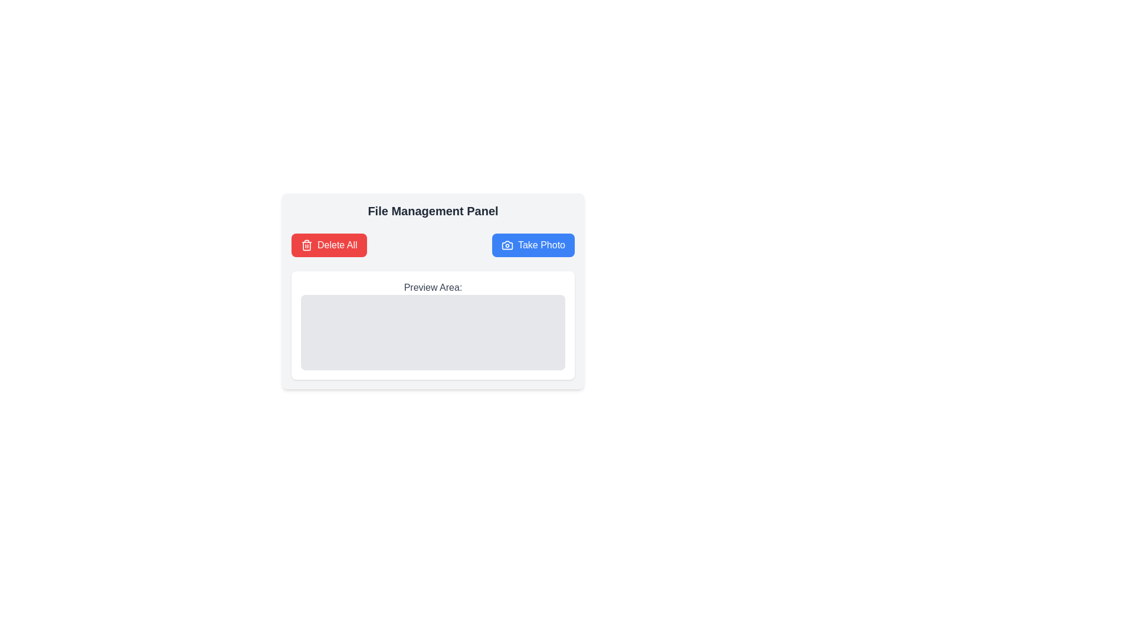 This screenshot has height=637, width=1133. What do you see at coordinates (433, 211) in the screenshot?
I see `the static text title or label that indicates the purpose of the section, which is located above the 'Delete All' and 'Take Photo' buttons and the 'Preview Area'` at bounding box center [433, 211].